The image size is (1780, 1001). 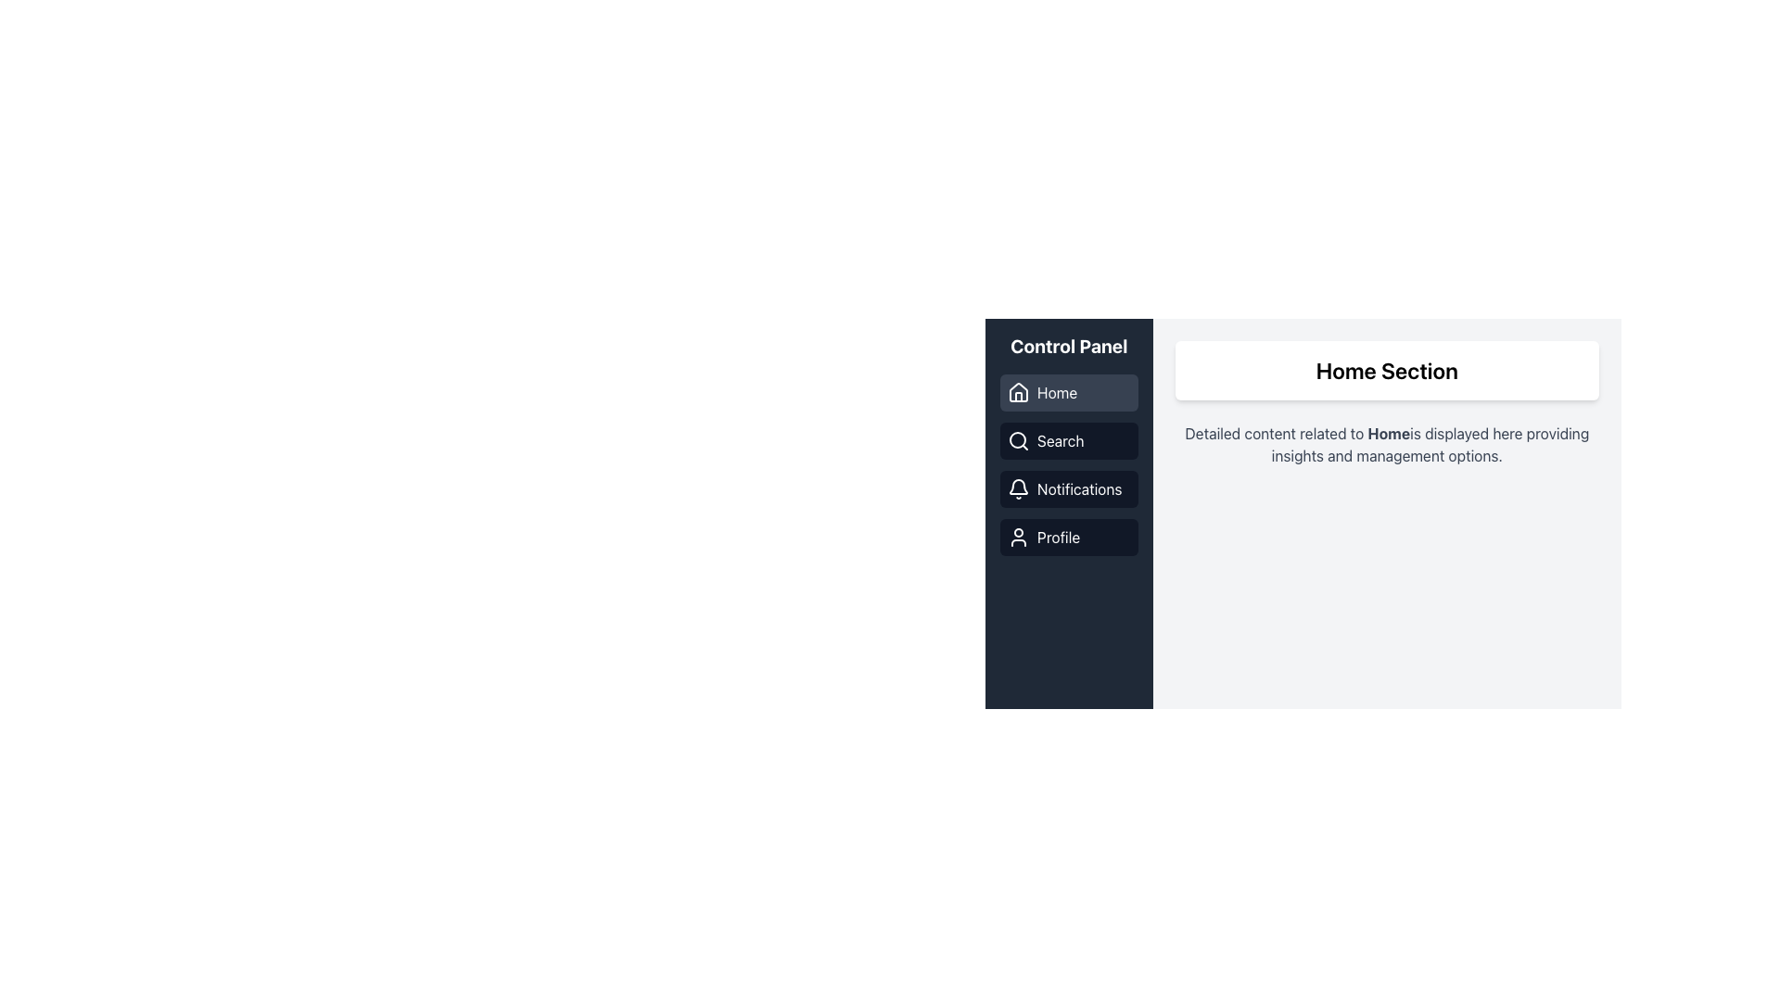 What do you see at coordinates (1018, 392) in the screenshot?
I see `the house icon representing the navigational indicator located in the sidebar navigation menu, which is to the left of the 'Home' text` at bounding box center [1018, 392].